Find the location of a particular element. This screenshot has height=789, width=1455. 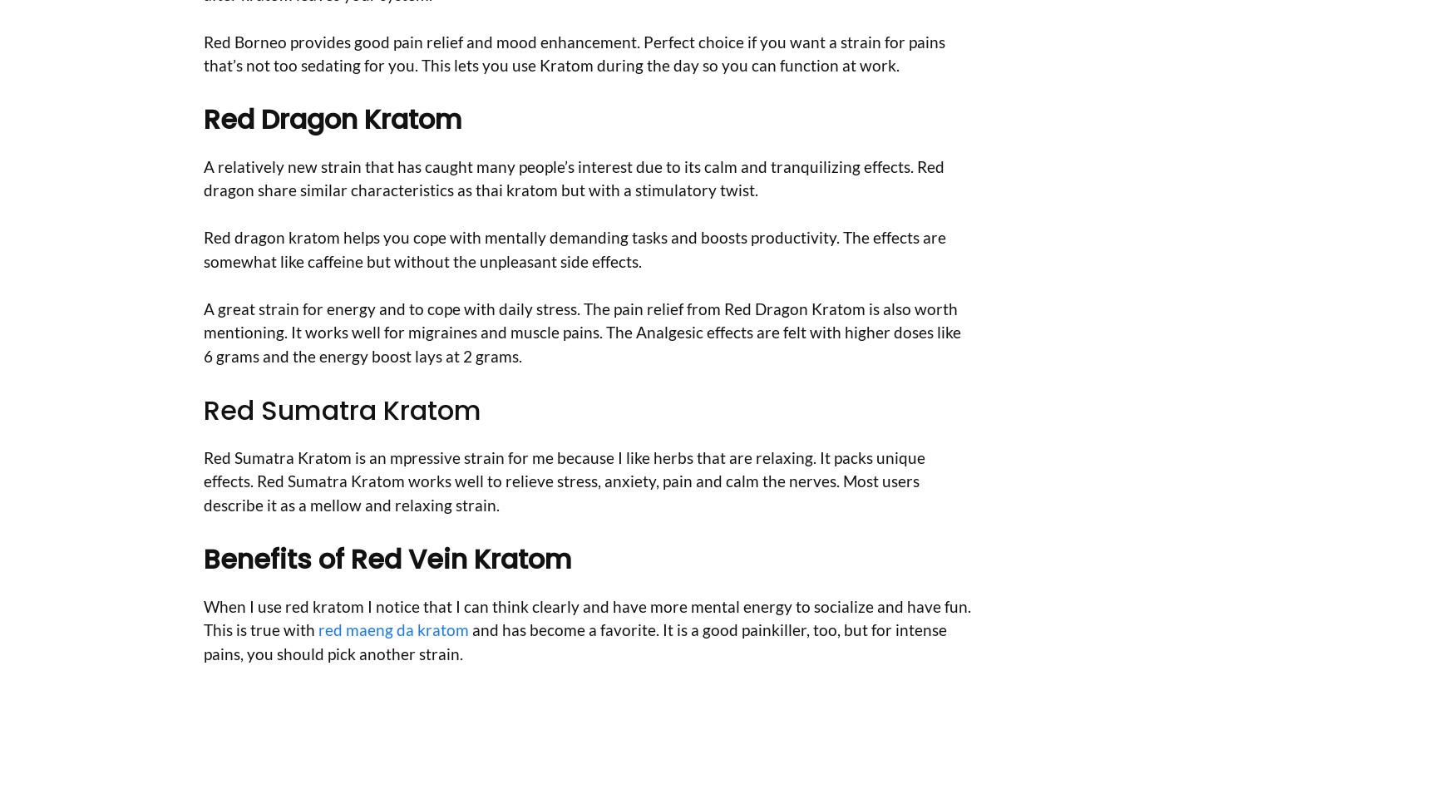

'A relatively new strain that has caught many people’s interest due to its calm and tranquilizing effects. Red dragon share similar characteristics as thai kratom but with a stimulatory twist.' is located at coordinates (574, 176).